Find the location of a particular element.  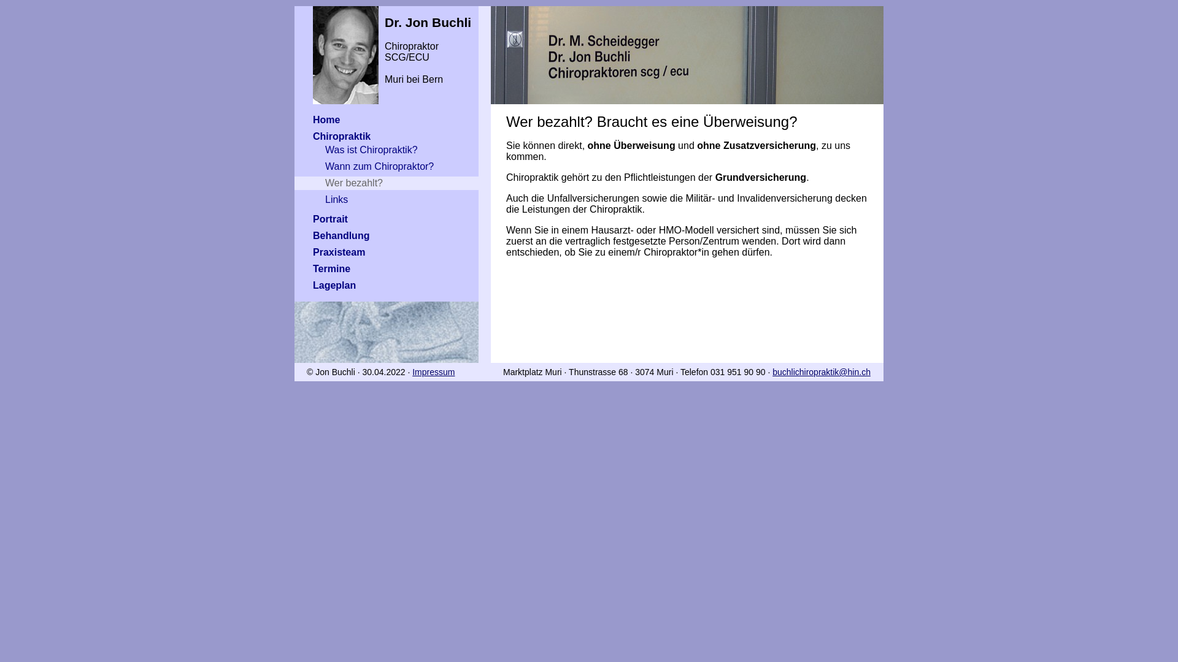

'Termine' is located at coordinates (385, 268).